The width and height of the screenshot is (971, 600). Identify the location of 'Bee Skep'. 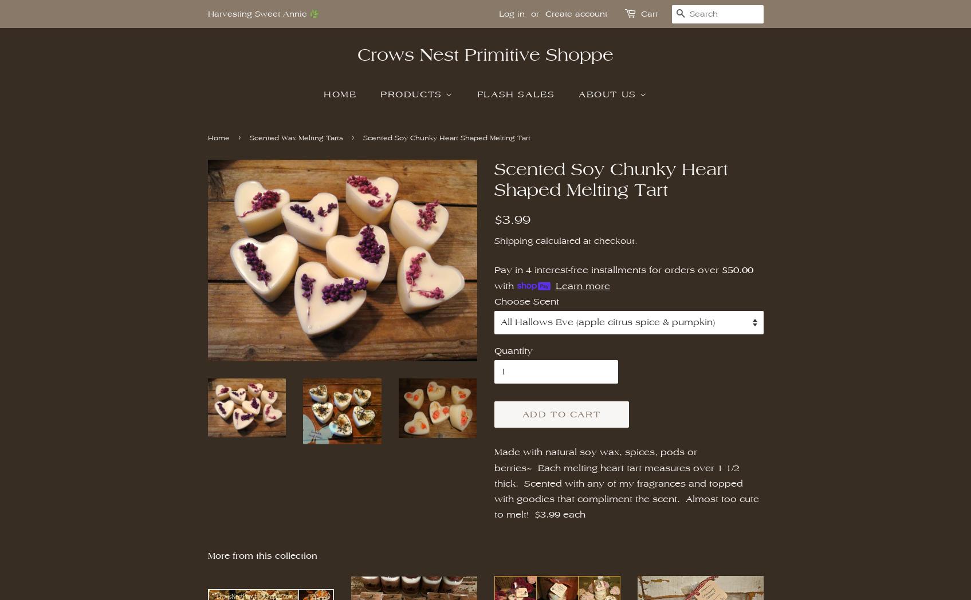
(642, 265).